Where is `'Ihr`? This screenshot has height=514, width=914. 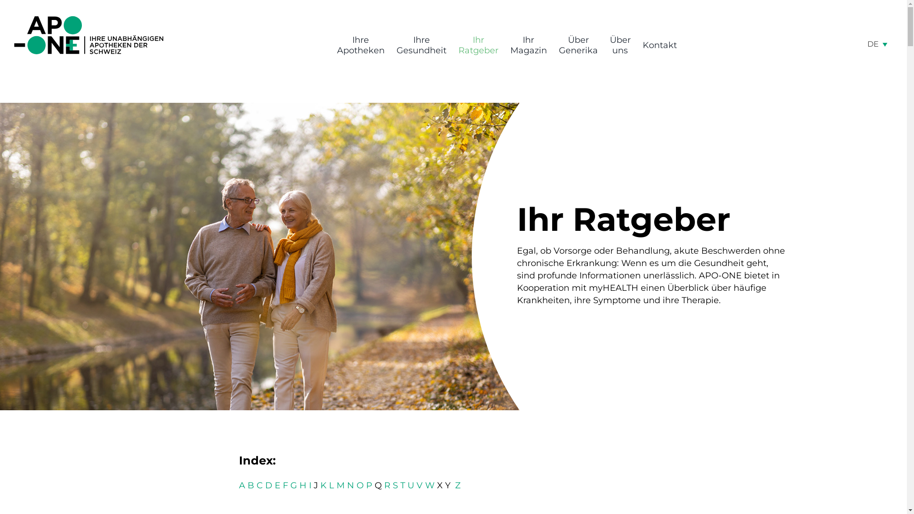
'Ihr is located at coordinates (477, 45).